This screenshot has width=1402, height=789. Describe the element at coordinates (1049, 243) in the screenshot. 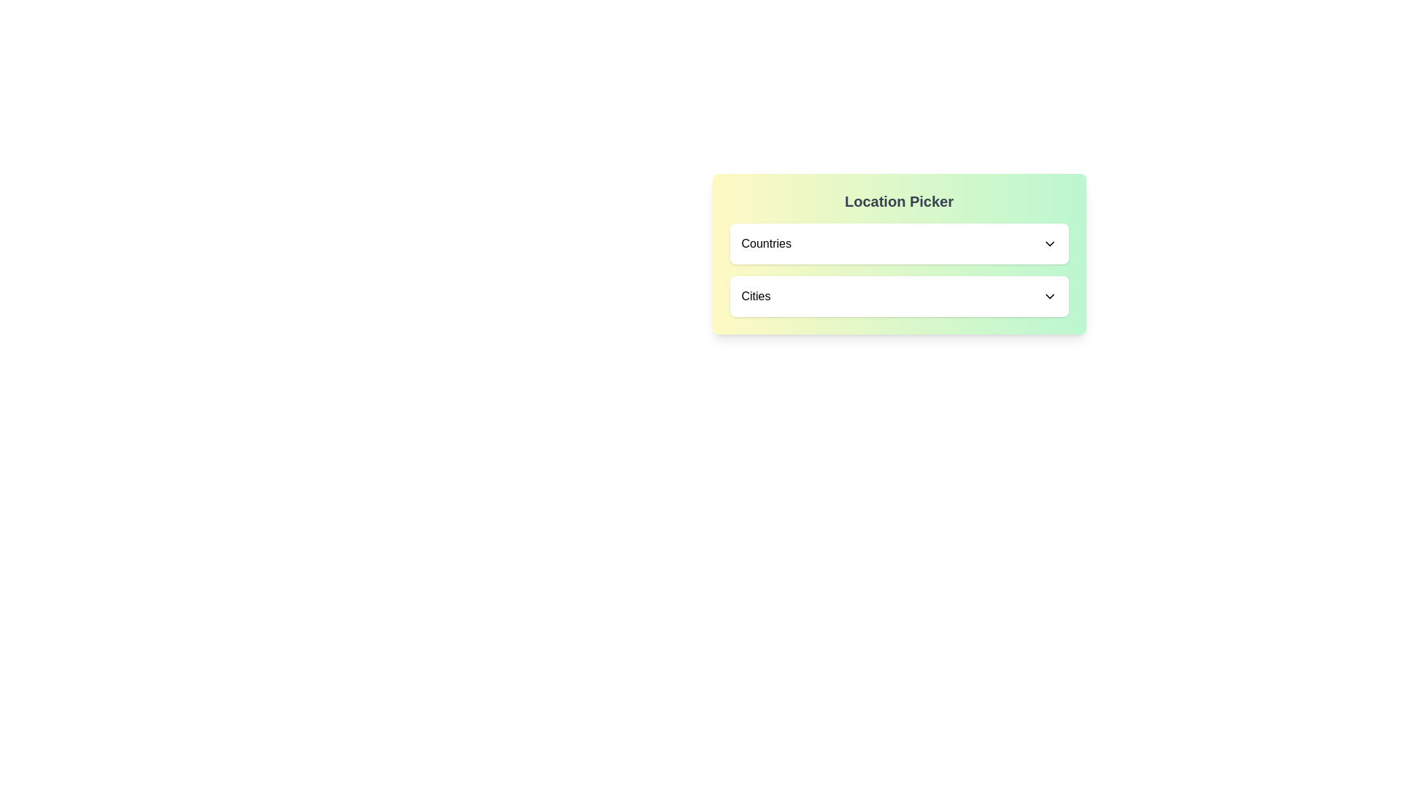

I see `the downward-facing chevron icon within the 'Countries' dropdown menu` at that location.